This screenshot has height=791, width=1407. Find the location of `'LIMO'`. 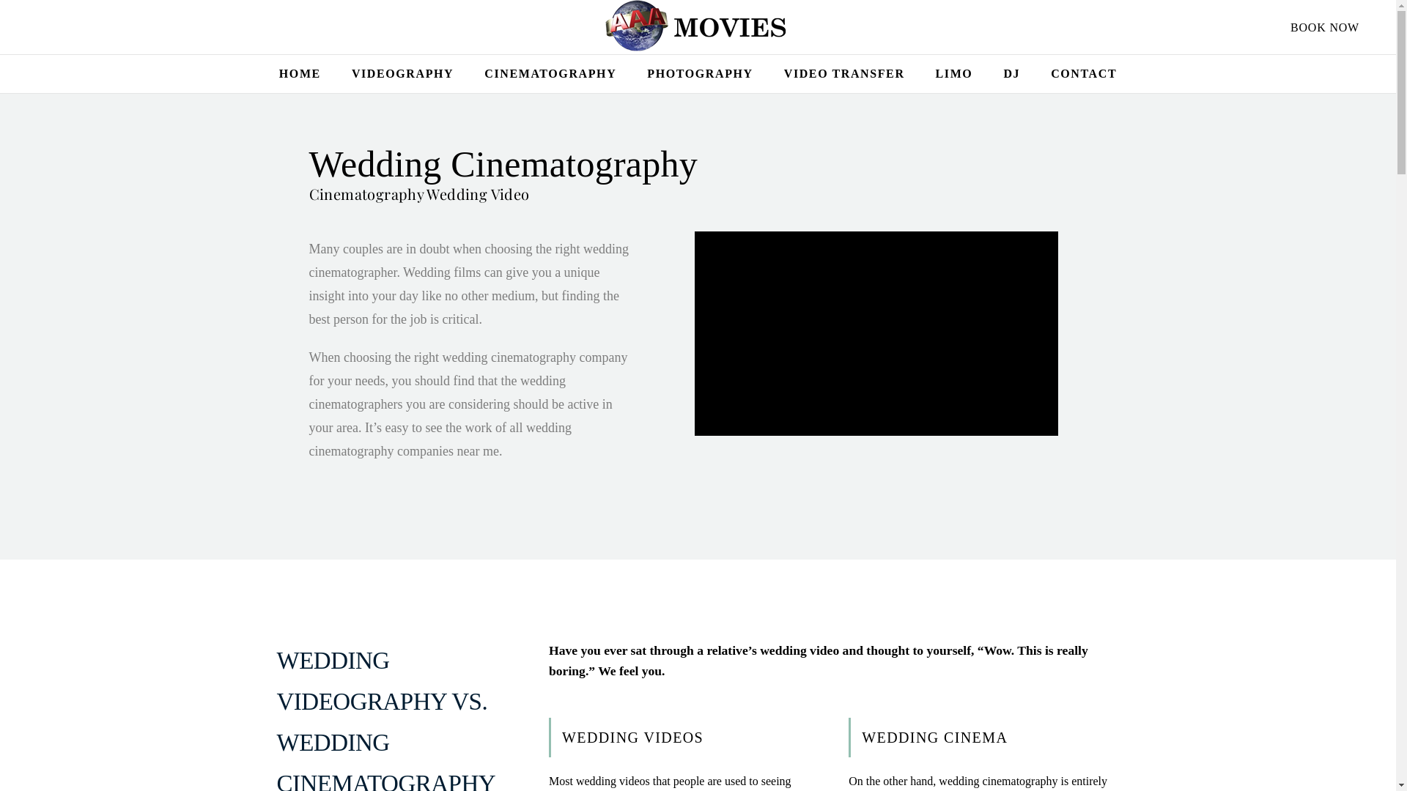

'LIMO' is located at coordinates (954, 73).